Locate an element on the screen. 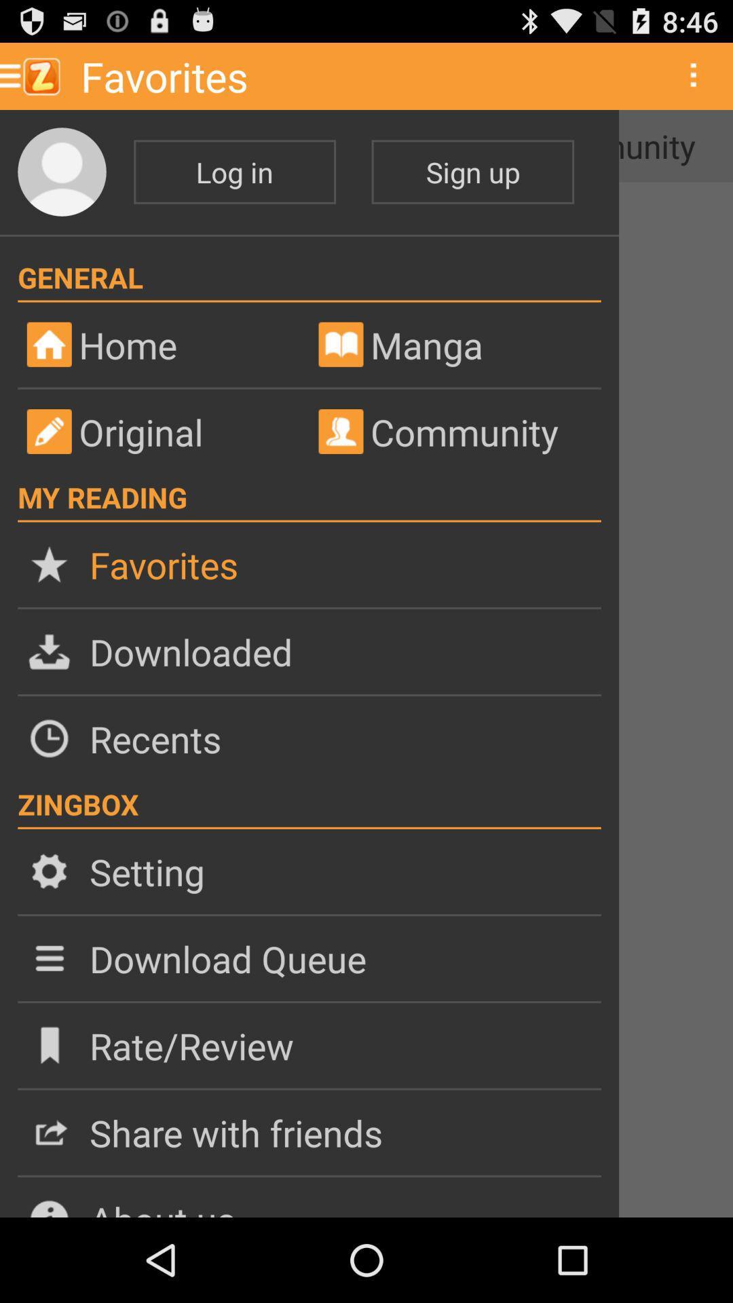 The width and height of the screenshot is (733, 1303). recents is located at coordinates (309, 738).